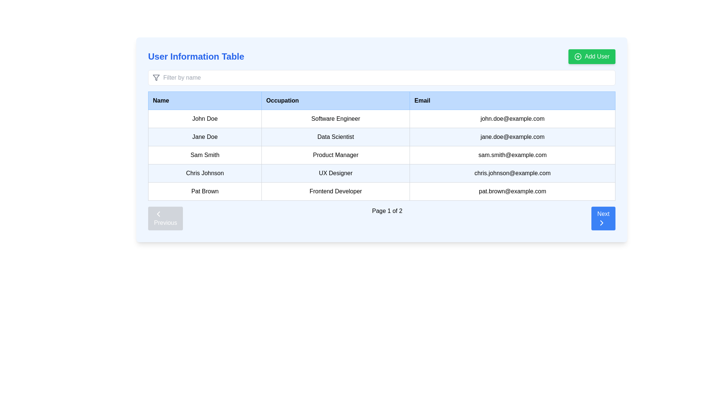 This screenshot has height=400, width=711. I want to click on text content of the Text Label displaying 'Pat Brown', which is the first cell in the last row of a table under the 'Name' column, so click(205, 191).